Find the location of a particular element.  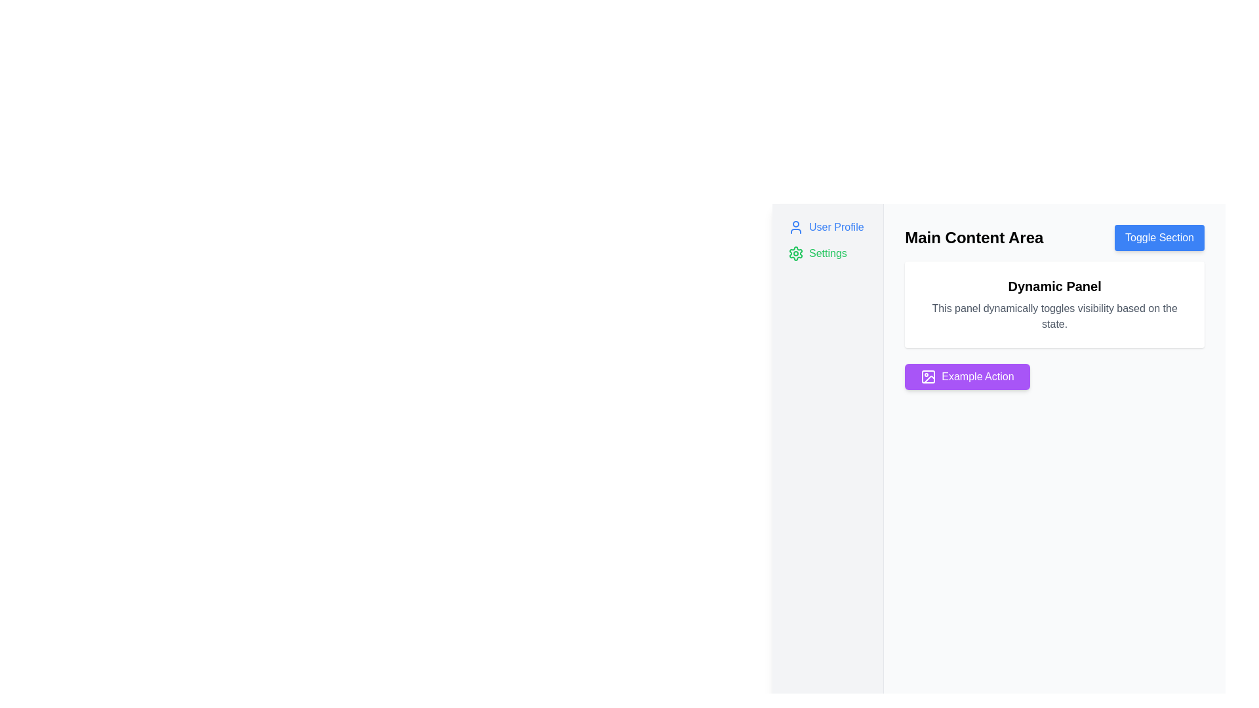

the Grouped interactive navigation links element is located at coordinates (827, 240).